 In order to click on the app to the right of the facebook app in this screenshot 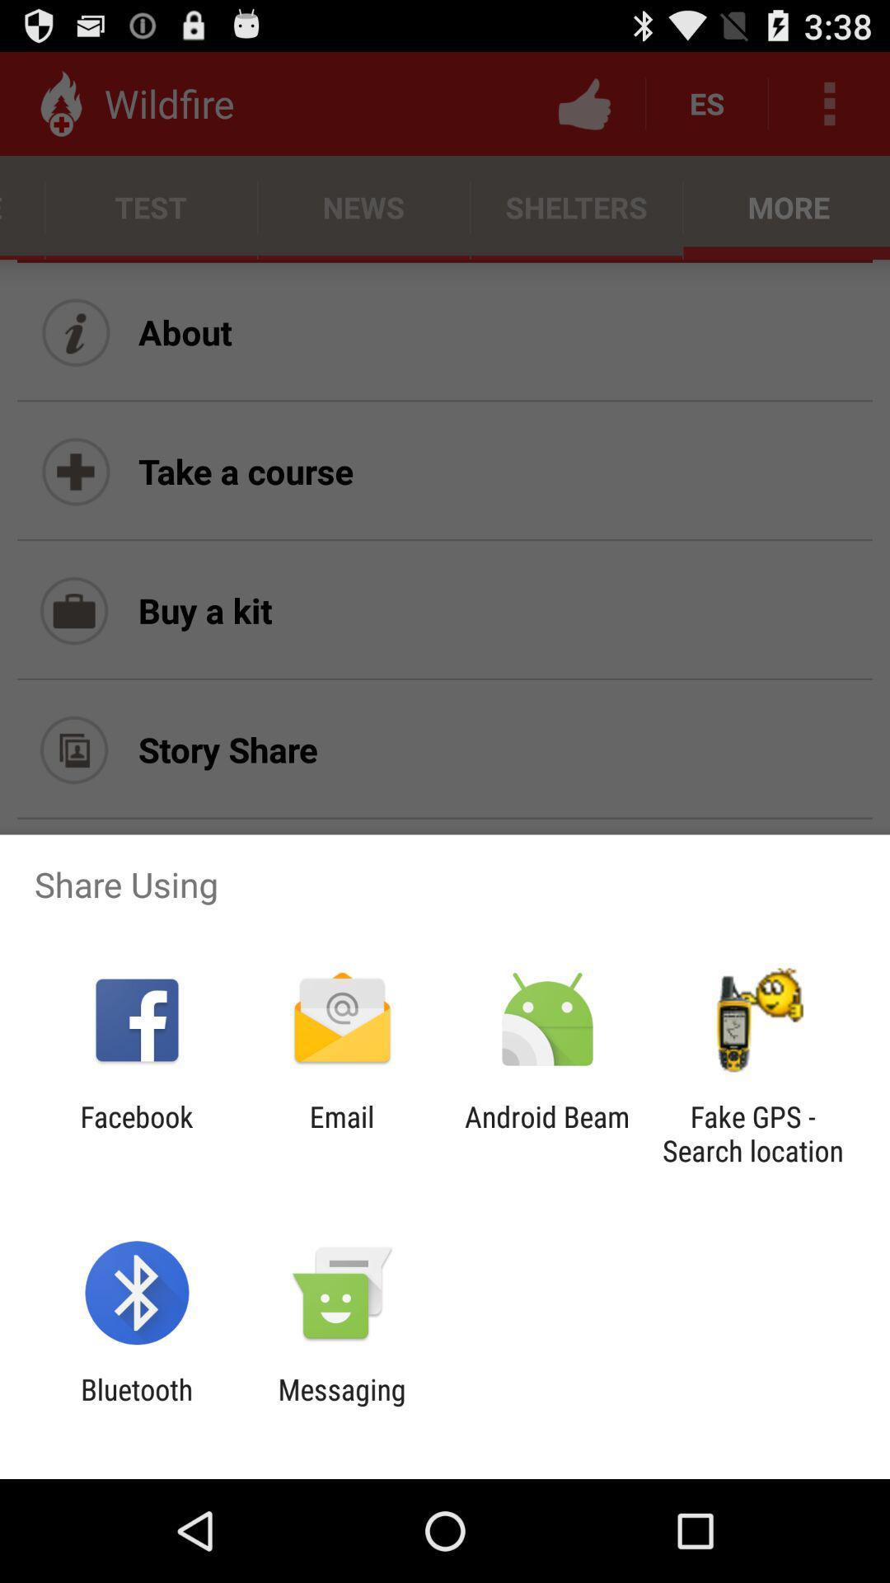, I will do `click(341, 1133)`.